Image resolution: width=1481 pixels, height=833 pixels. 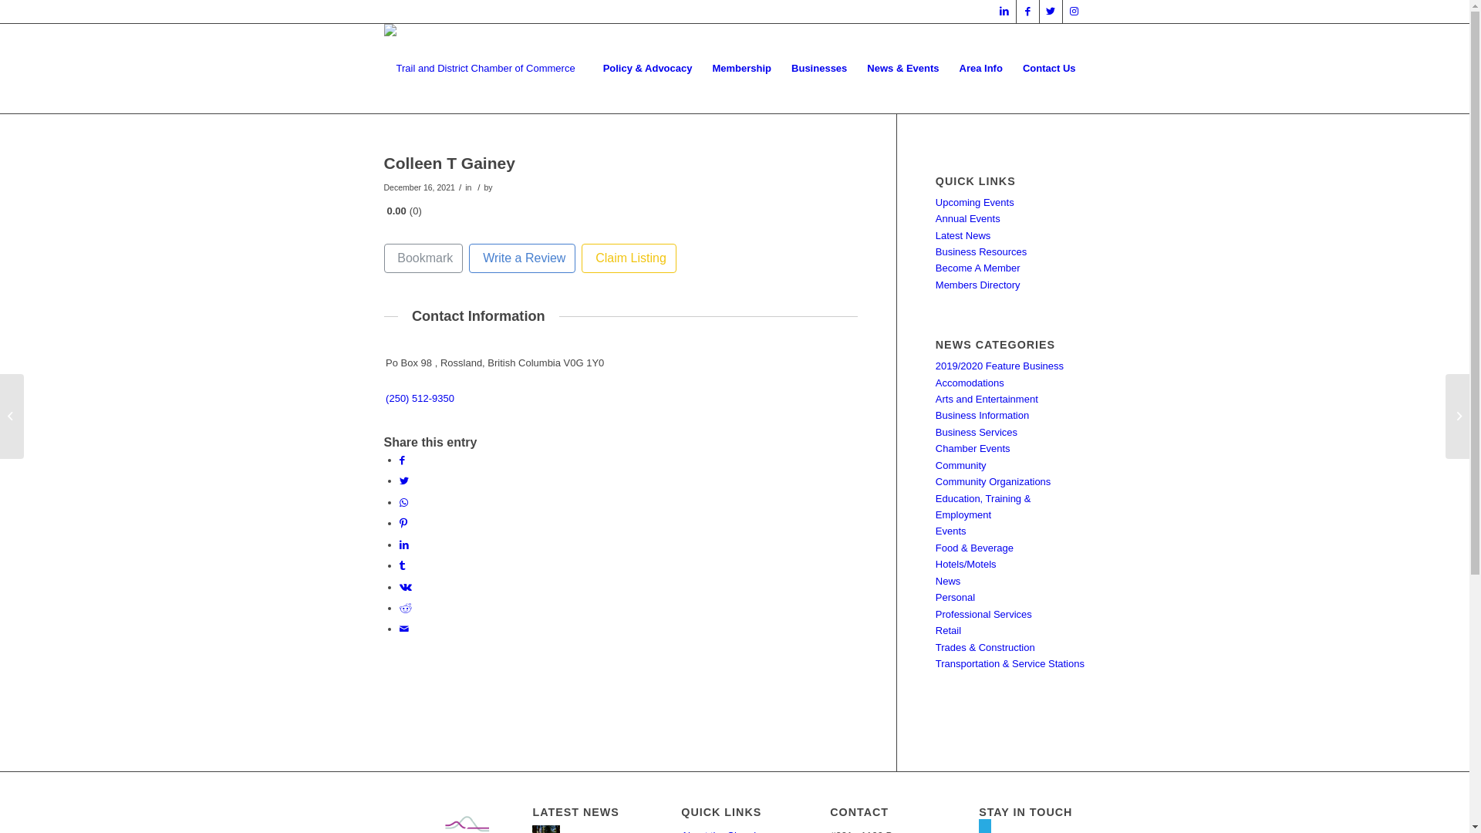 What do you see at coordinates (973, 201) in the screenshot?
I see `'Upcoming Events'` at bounding box center [973, 201].